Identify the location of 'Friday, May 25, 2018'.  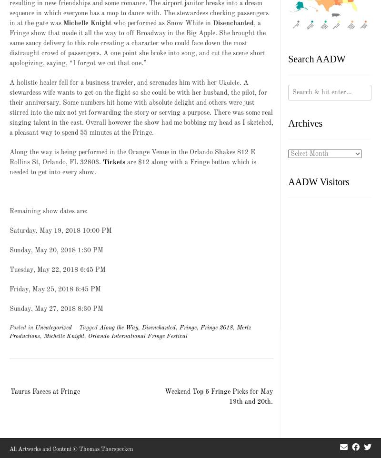
(41, 289).